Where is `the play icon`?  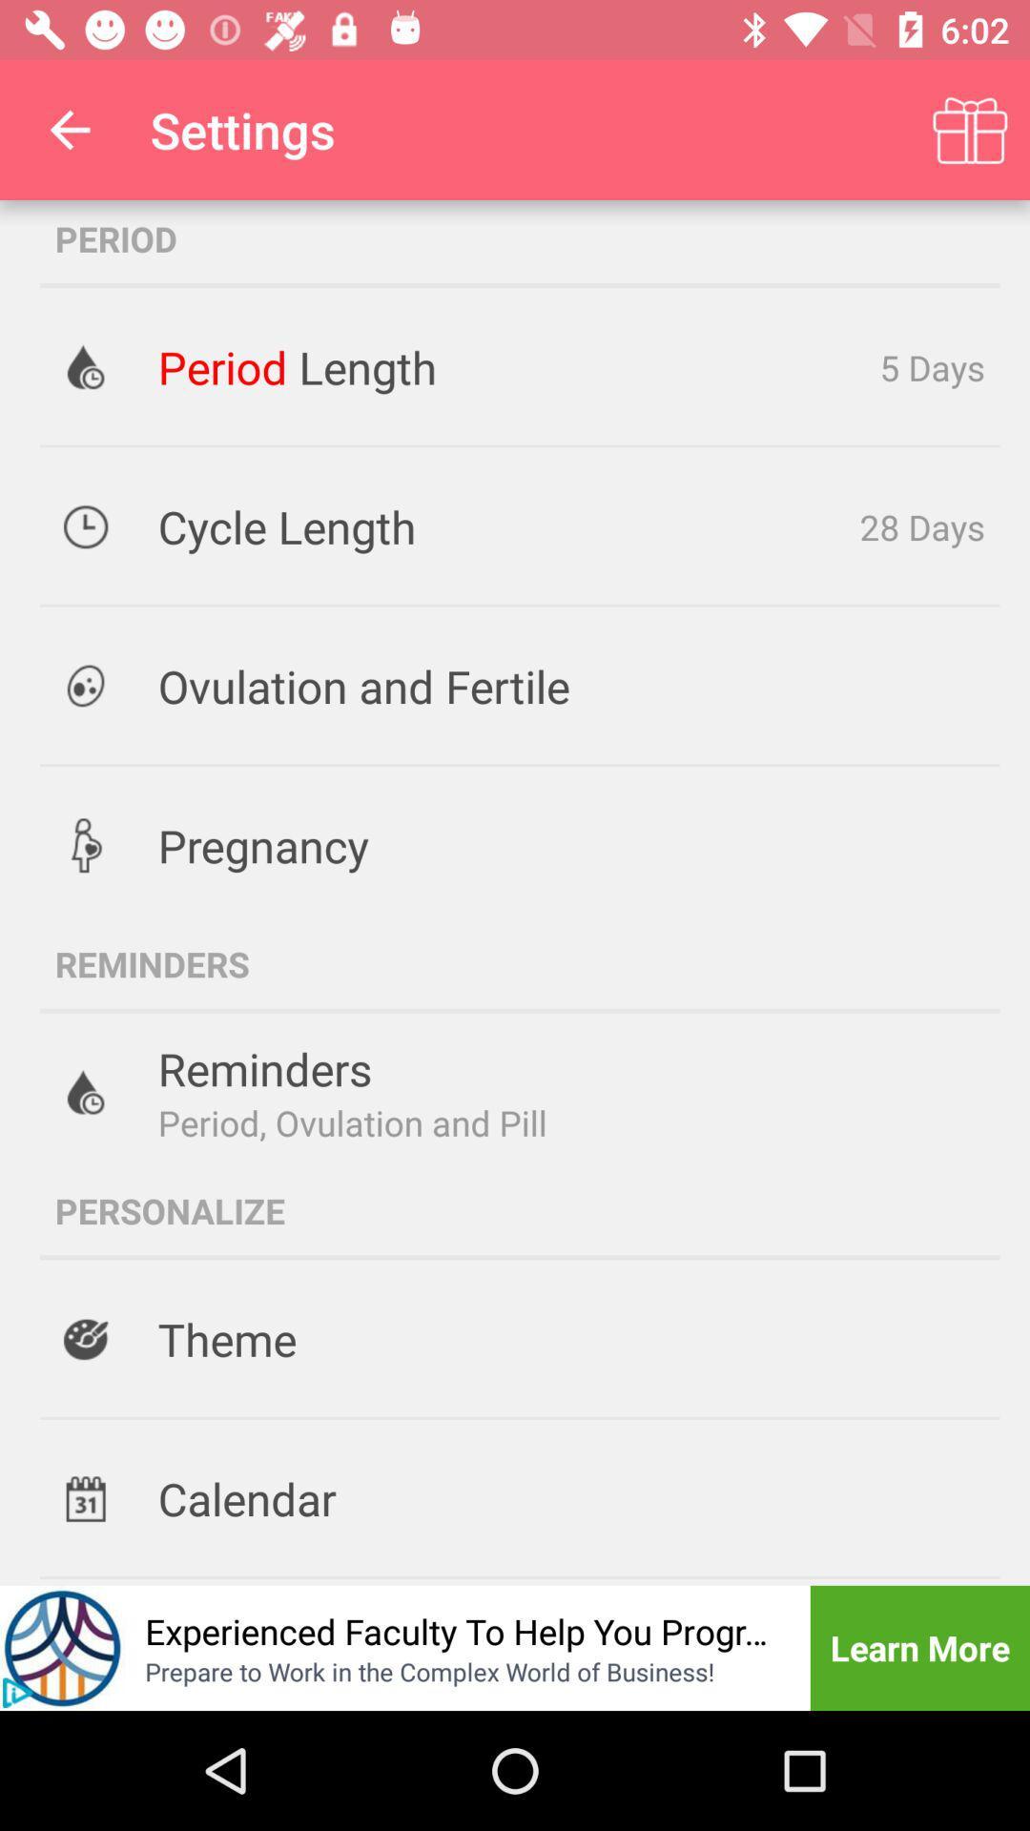
the play icon is located at coordinates (17, 1693).